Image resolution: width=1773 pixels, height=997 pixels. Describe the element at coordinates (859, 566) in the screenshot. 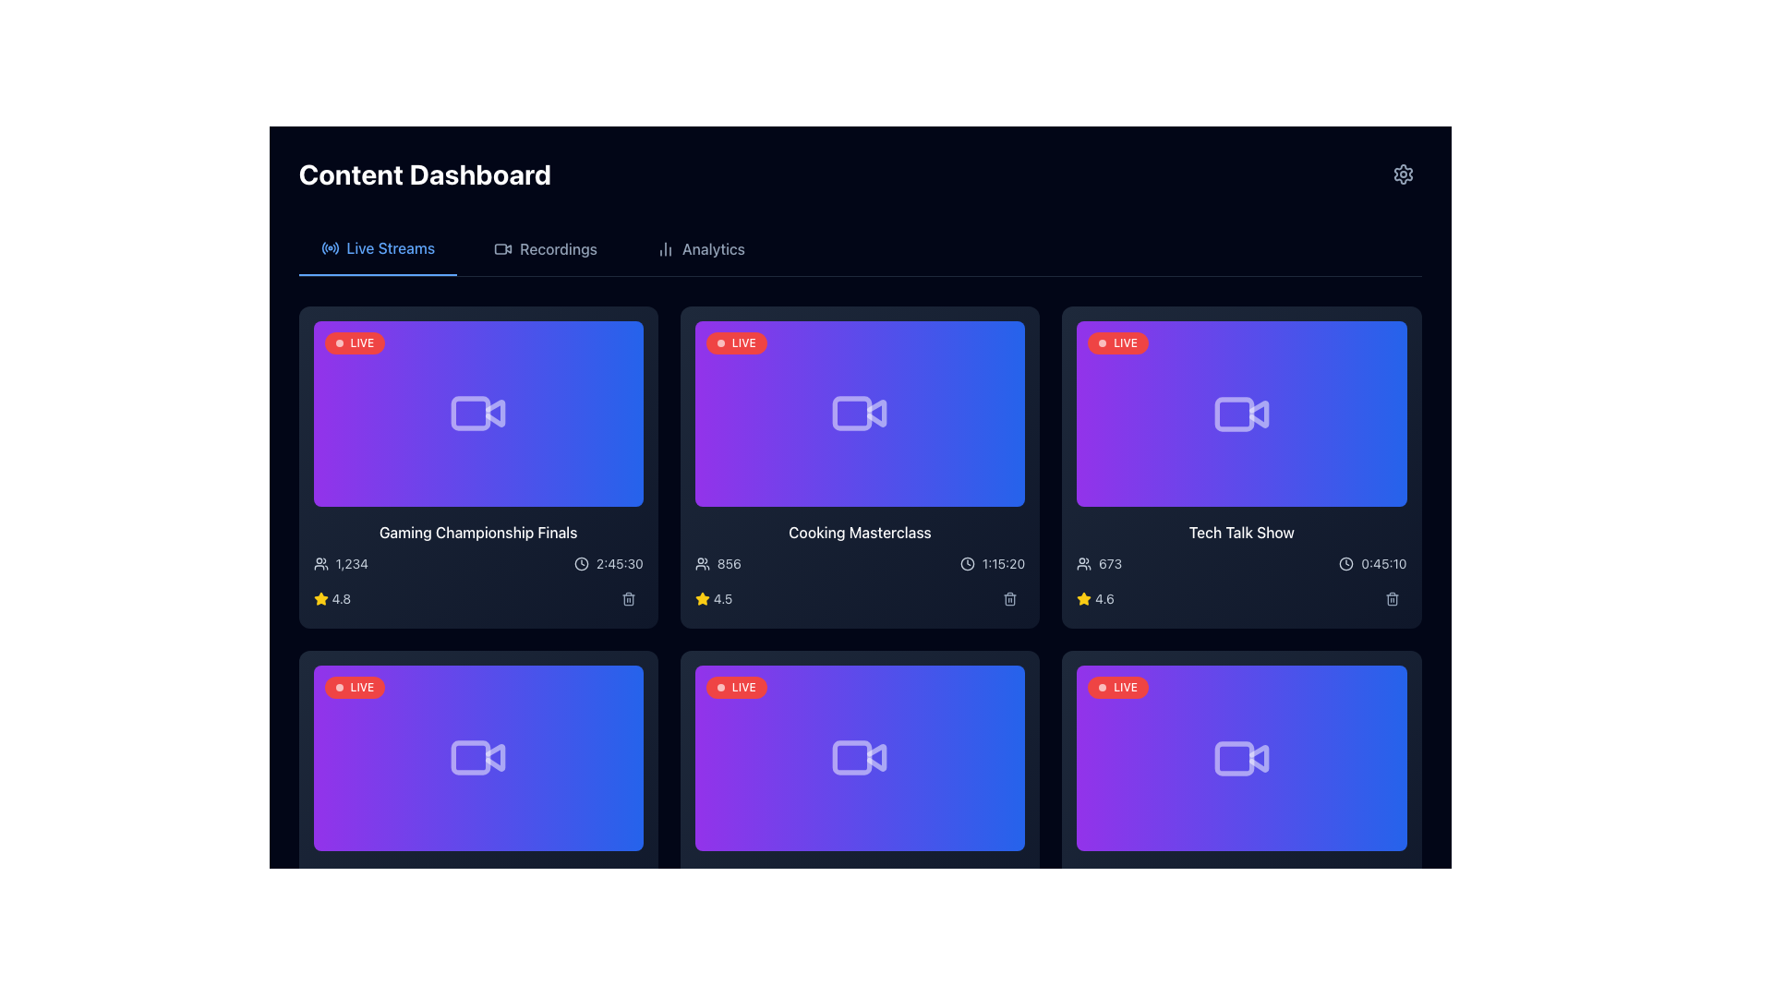

I see `the live stream session card located in the second row and second column of the dashboard to view the duration of the session` at that location.